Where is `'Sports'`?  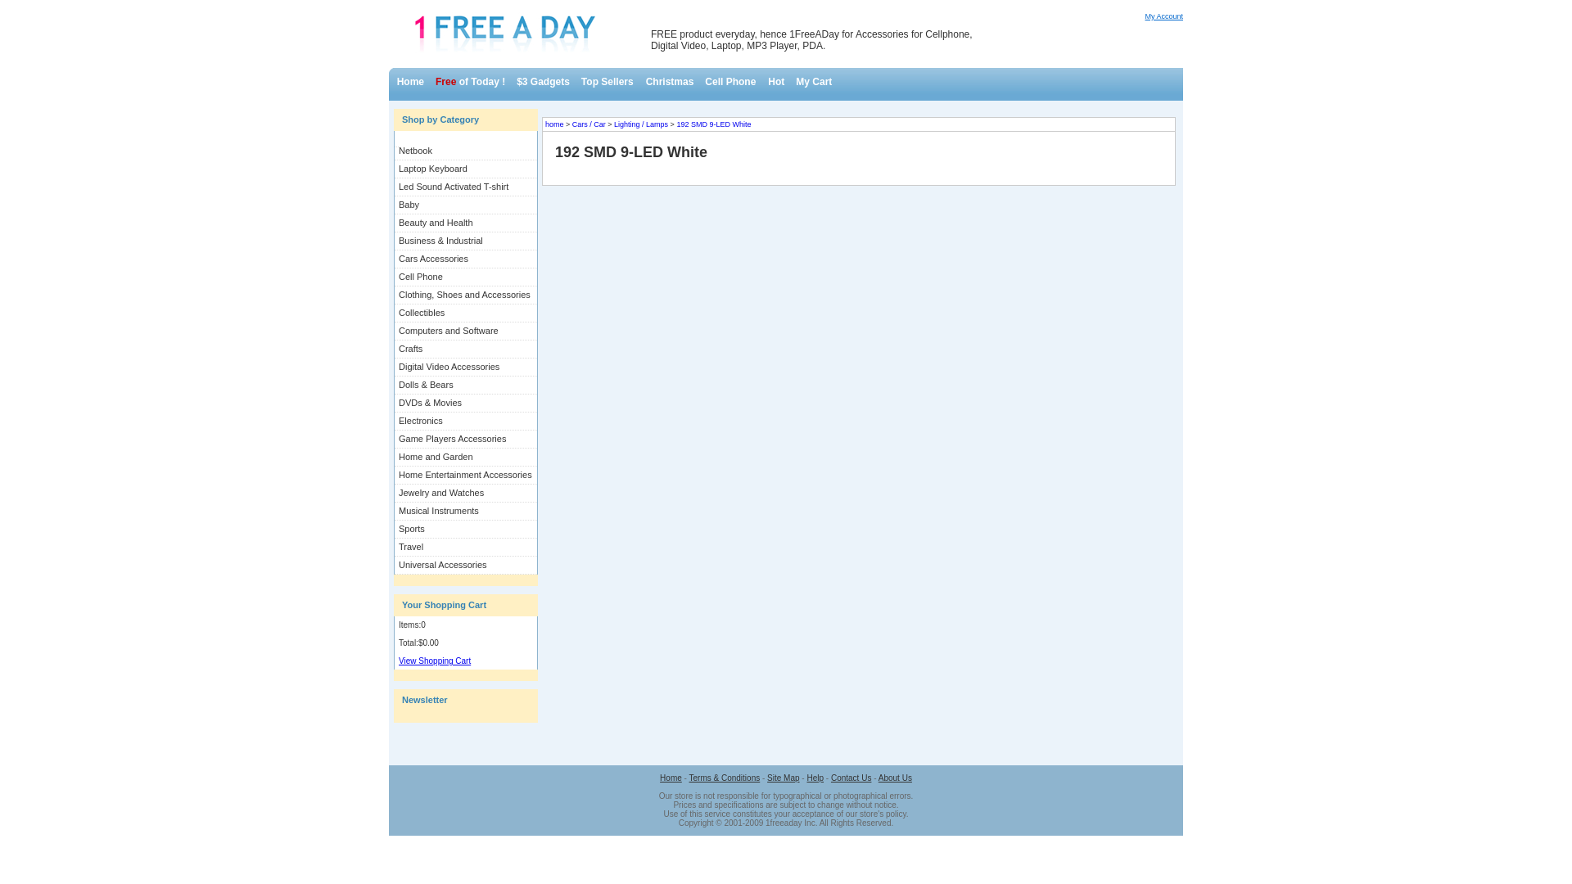 'Sports' is located at coordinates (467, 528).